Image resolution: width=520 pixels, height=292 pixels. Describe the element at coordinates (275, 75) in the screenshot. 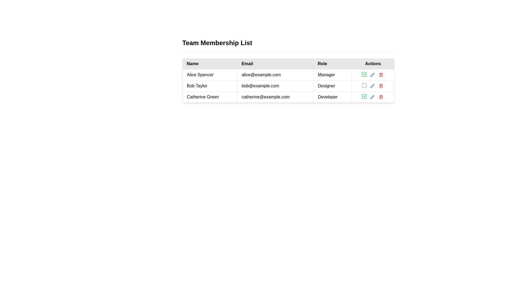

I see `the static text element representing the email address located in the 'Email' column adjacent to 'Alice Spencer' in the table` at that location.